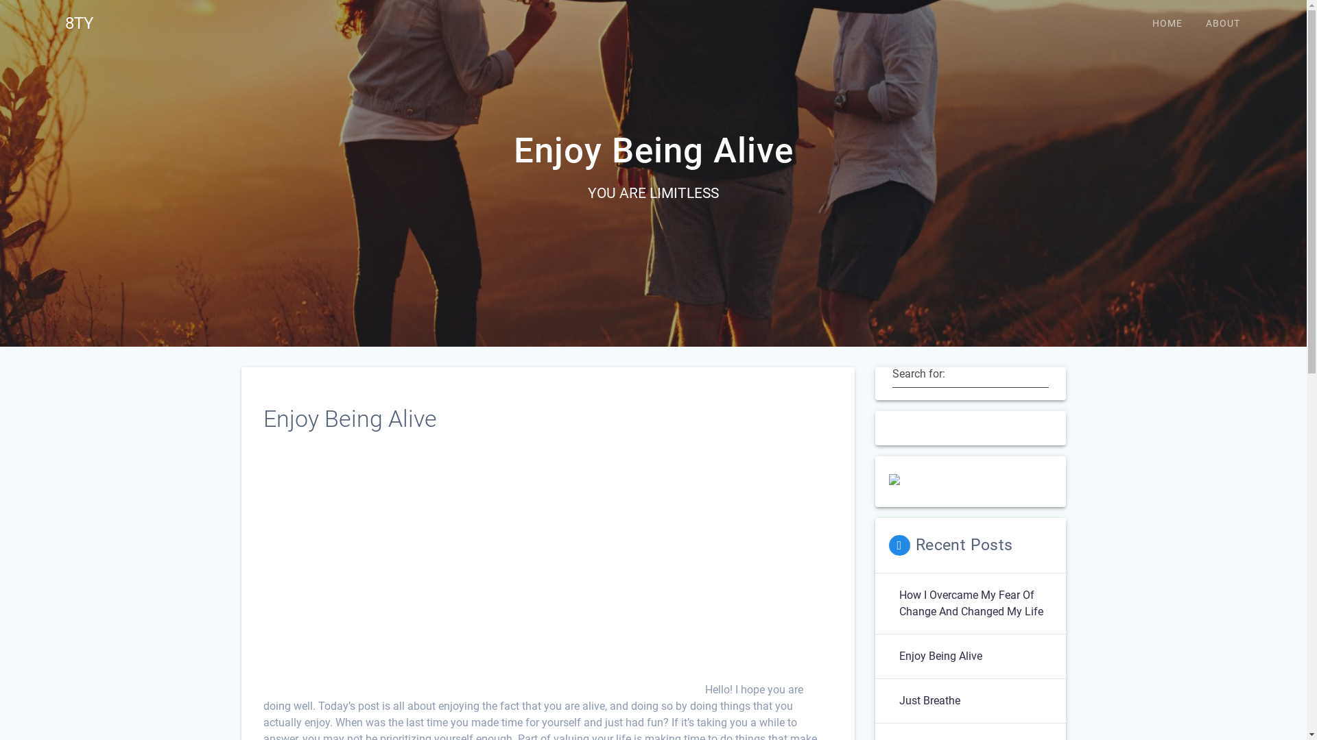 Image resolution: width=1317 pixels, height=740 pixels. Describe the element at coordinates (78, 23) in the screenshot. I see `'8TY'` at that location.